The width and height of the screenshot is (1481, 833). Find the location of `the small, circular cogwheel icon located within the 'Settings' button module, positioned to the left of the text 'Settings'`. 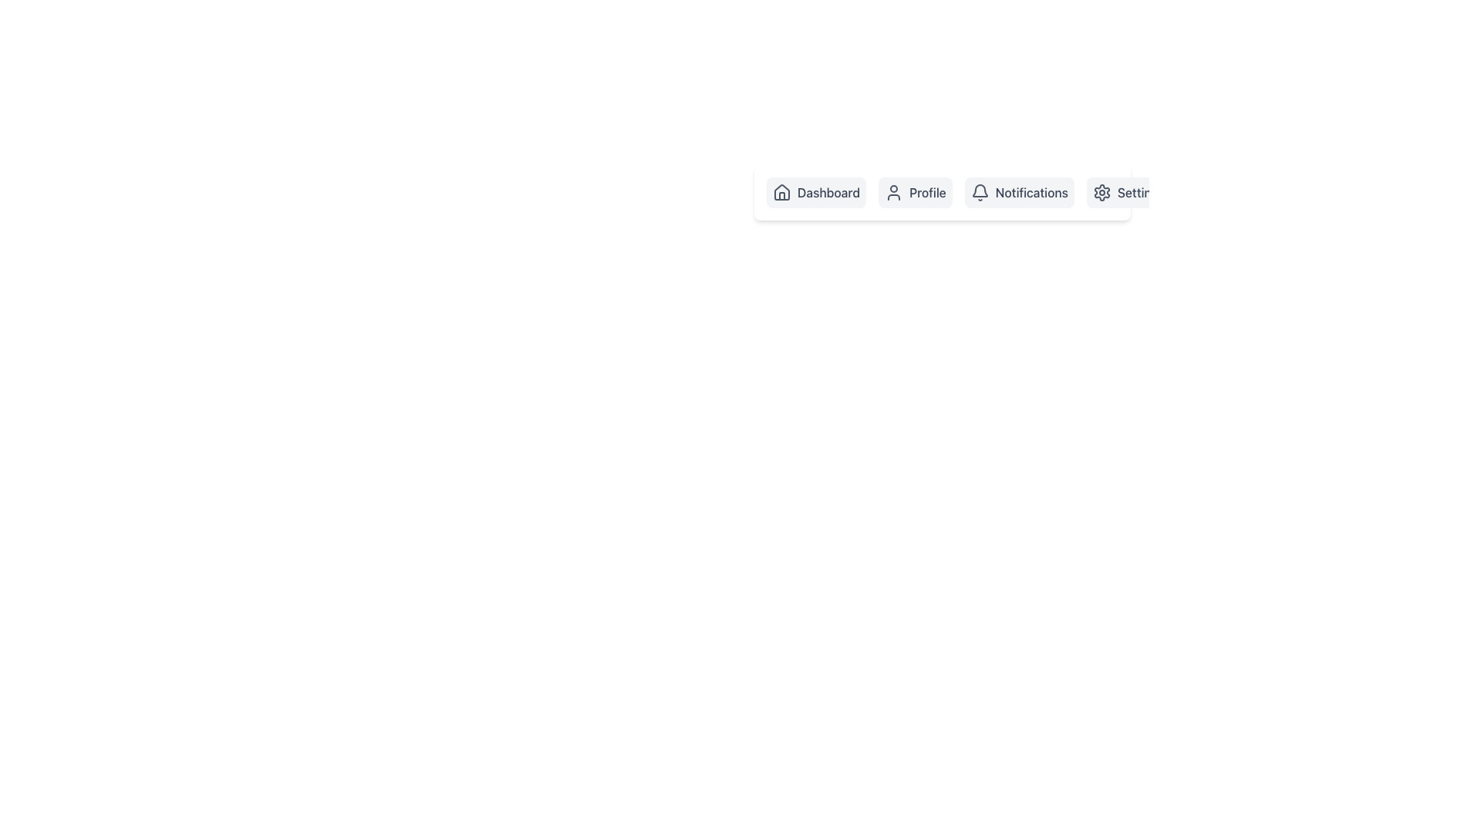

the small, circular cogwheel icon located within the 'Settings' button module, positioned to the left of the text 'Settings' is located at coordinates (1101, 192).